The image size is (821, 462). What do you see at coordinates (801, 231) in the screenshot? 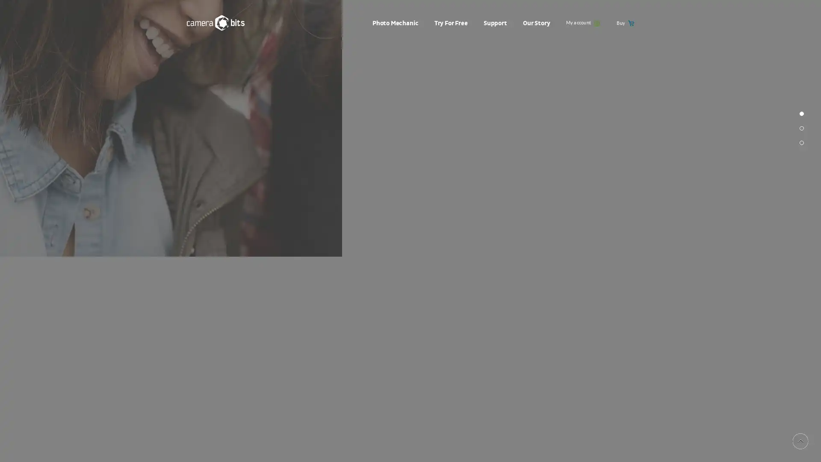
I see `2` at bounding box center [801, 231].